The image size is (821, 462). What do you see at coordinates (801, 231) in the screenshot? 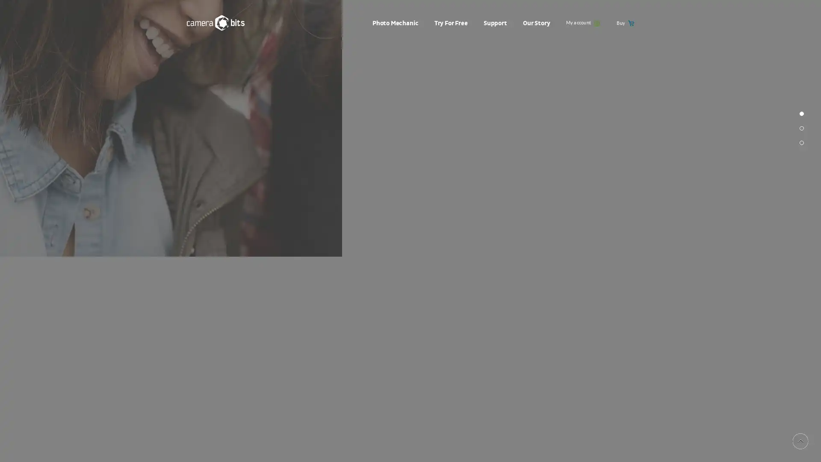
I see `2` at bounding box center [801, 231].